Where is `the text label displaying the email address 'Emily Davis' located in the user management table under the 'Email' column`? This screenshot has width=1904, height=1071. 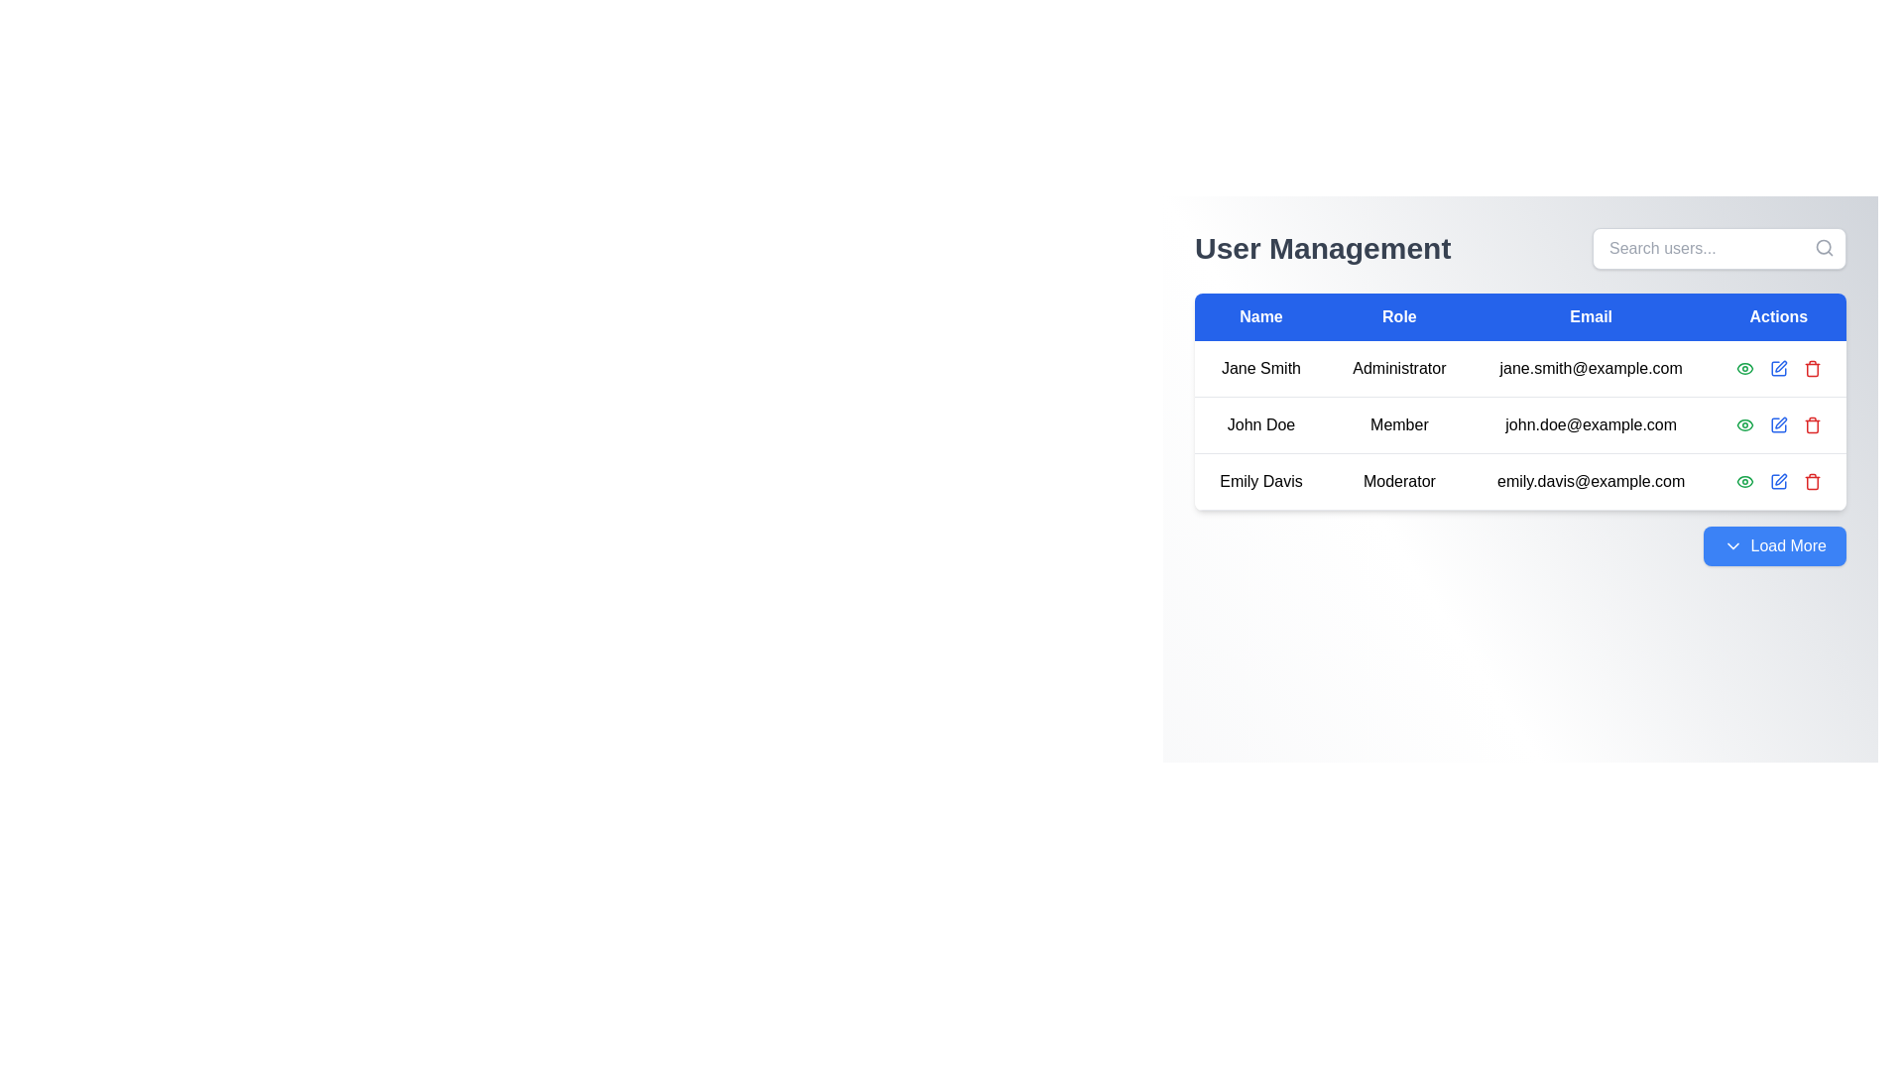
the text label displaying the email address 'Emily Davis' located in the user management table under the 'Email' column is located at coordinates (1591, 482).